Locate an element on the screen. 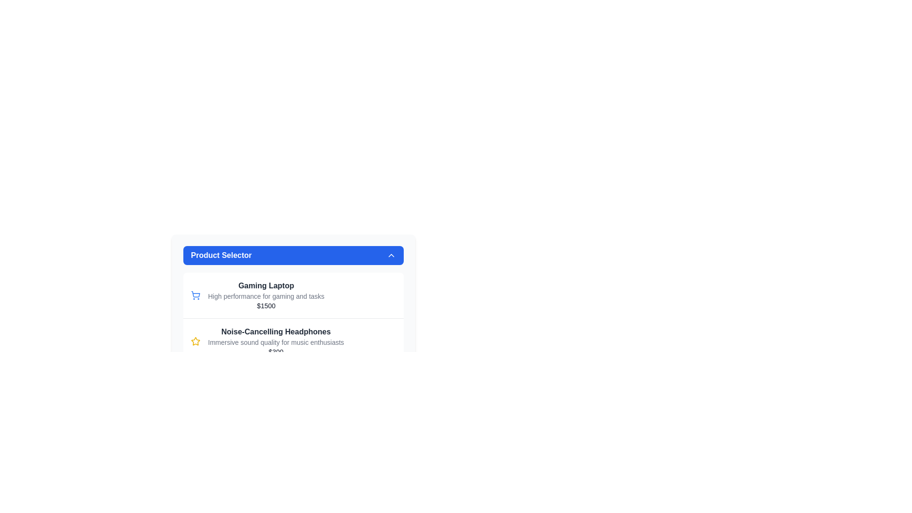 This screenshot has width=912, height=513. the text element reading 'Immersive sound quality for music enthusiasts', which is positioned centrally beneath the headline 'Noise-Cancelling Headphones' is located at coordinates (275, 342).